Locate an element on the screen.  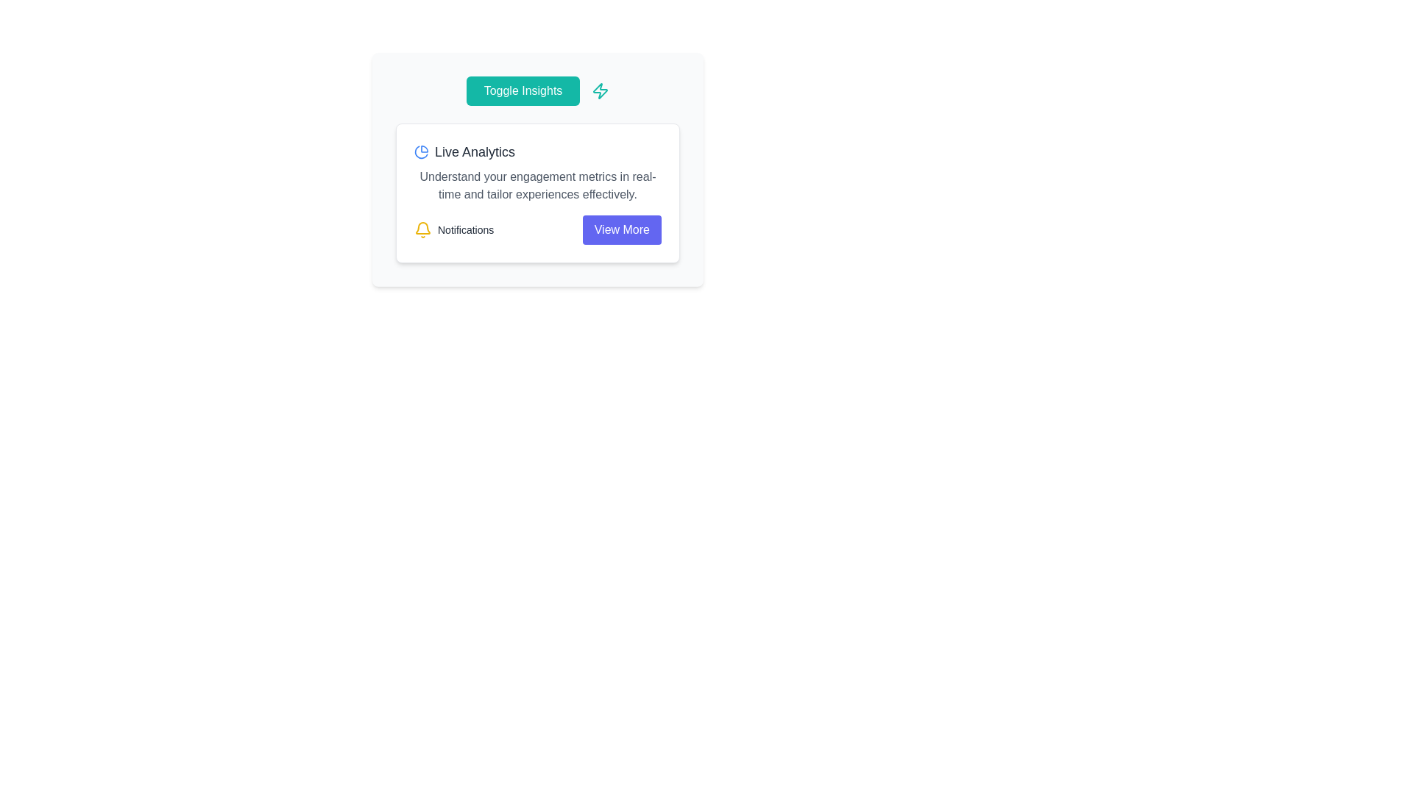
the small, circular, blue pie chart icon located at the far left of the row containing 'Live Analytics' to understand its visual representation is located at coordinates (420, 152).